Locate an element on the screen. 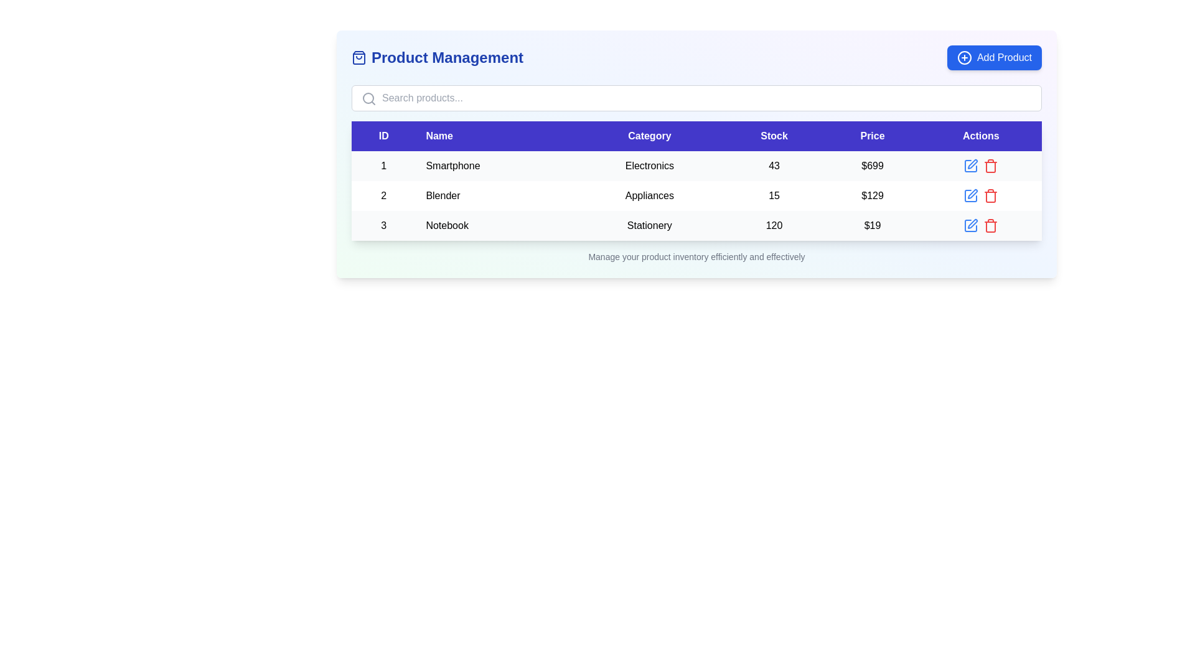 Image resolution: width=1195 pixels, height=672 pixels. value displayed in the Label representing the price for the item 'Notebook' located in the fifth column of the third row under the 'Price' header is located at coordinates (871, 225).